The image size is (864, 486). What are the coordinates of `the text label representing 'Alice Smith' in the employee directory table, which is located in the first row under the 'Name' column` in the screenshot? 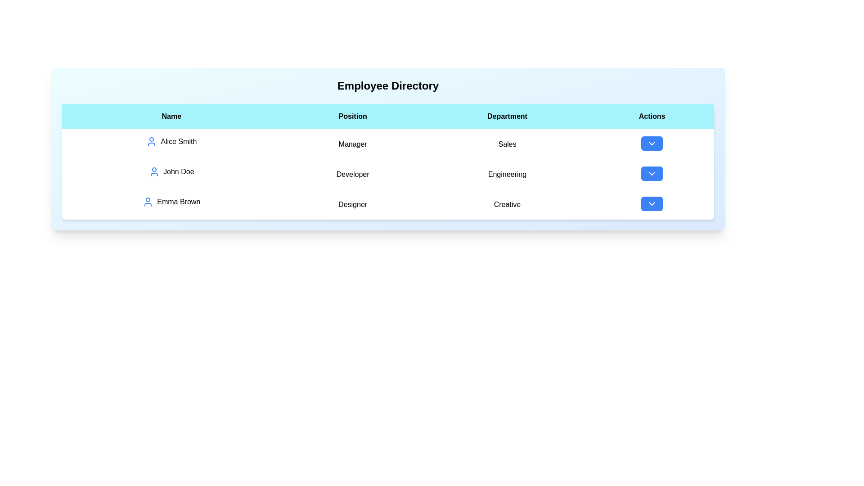 It's located at (171, 142).